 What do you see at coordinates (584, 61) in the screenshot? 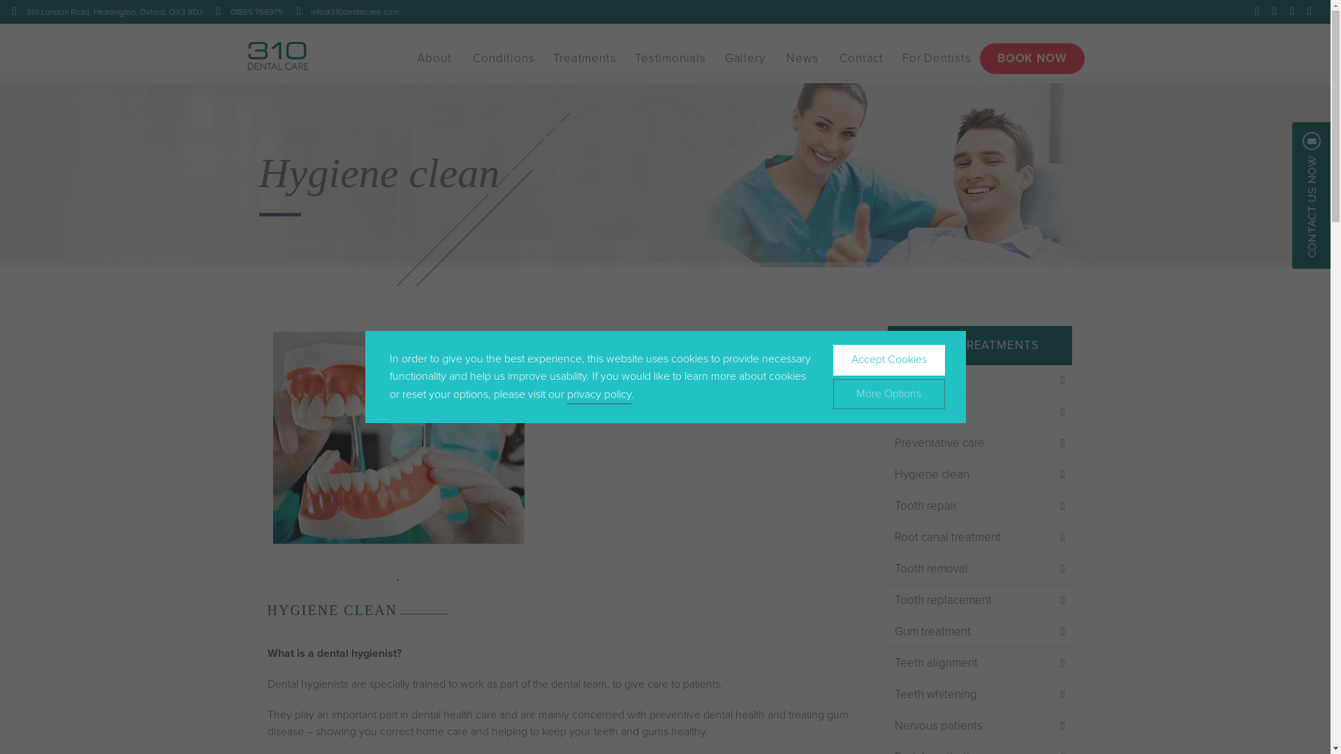
I see `'Treatments'` at bounding box center [584, 61].